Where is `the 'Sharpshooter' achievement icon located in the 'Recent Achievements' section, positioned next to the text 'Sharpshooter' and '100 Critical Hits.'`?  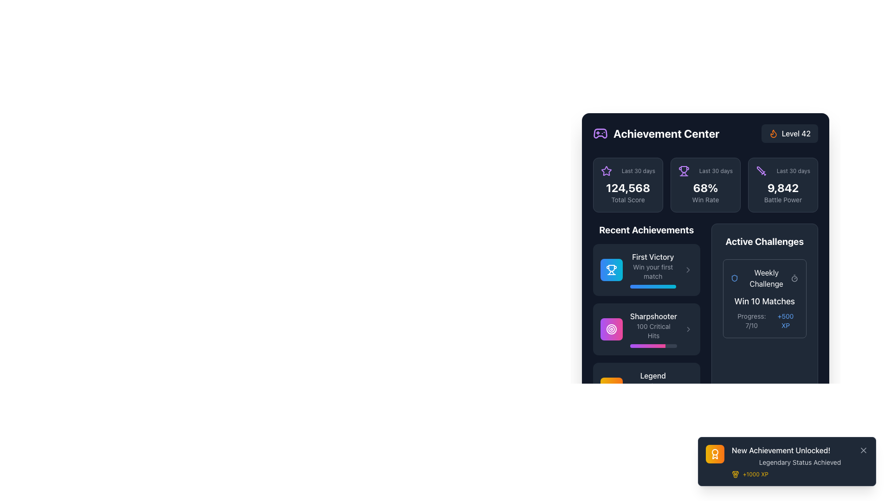
the 'Sharpshooter' achievement icon located in the 'Recent Achievements' section, positioned next to the text 'Sharpshooter' and '100 Critical Hits.' is located at coordinates (612, 328).